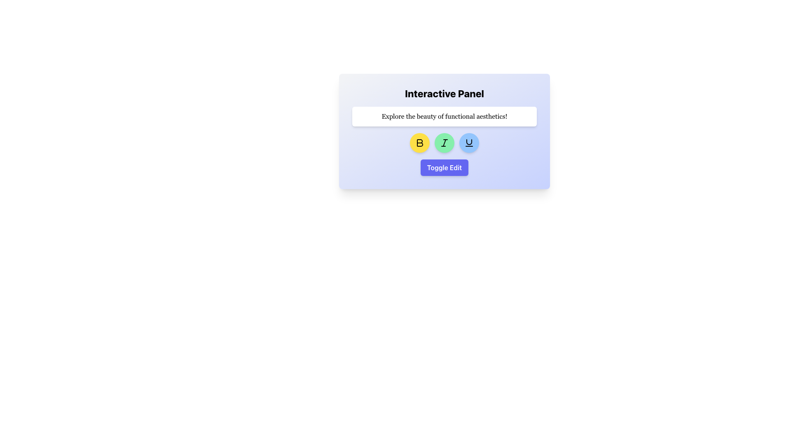 The image size is (791, 445). Describe the element at coordinates (469, 143) in the screenshot. I see `the underline icon button, which is the third button from the left in a row of blue circular buttons` at that location.